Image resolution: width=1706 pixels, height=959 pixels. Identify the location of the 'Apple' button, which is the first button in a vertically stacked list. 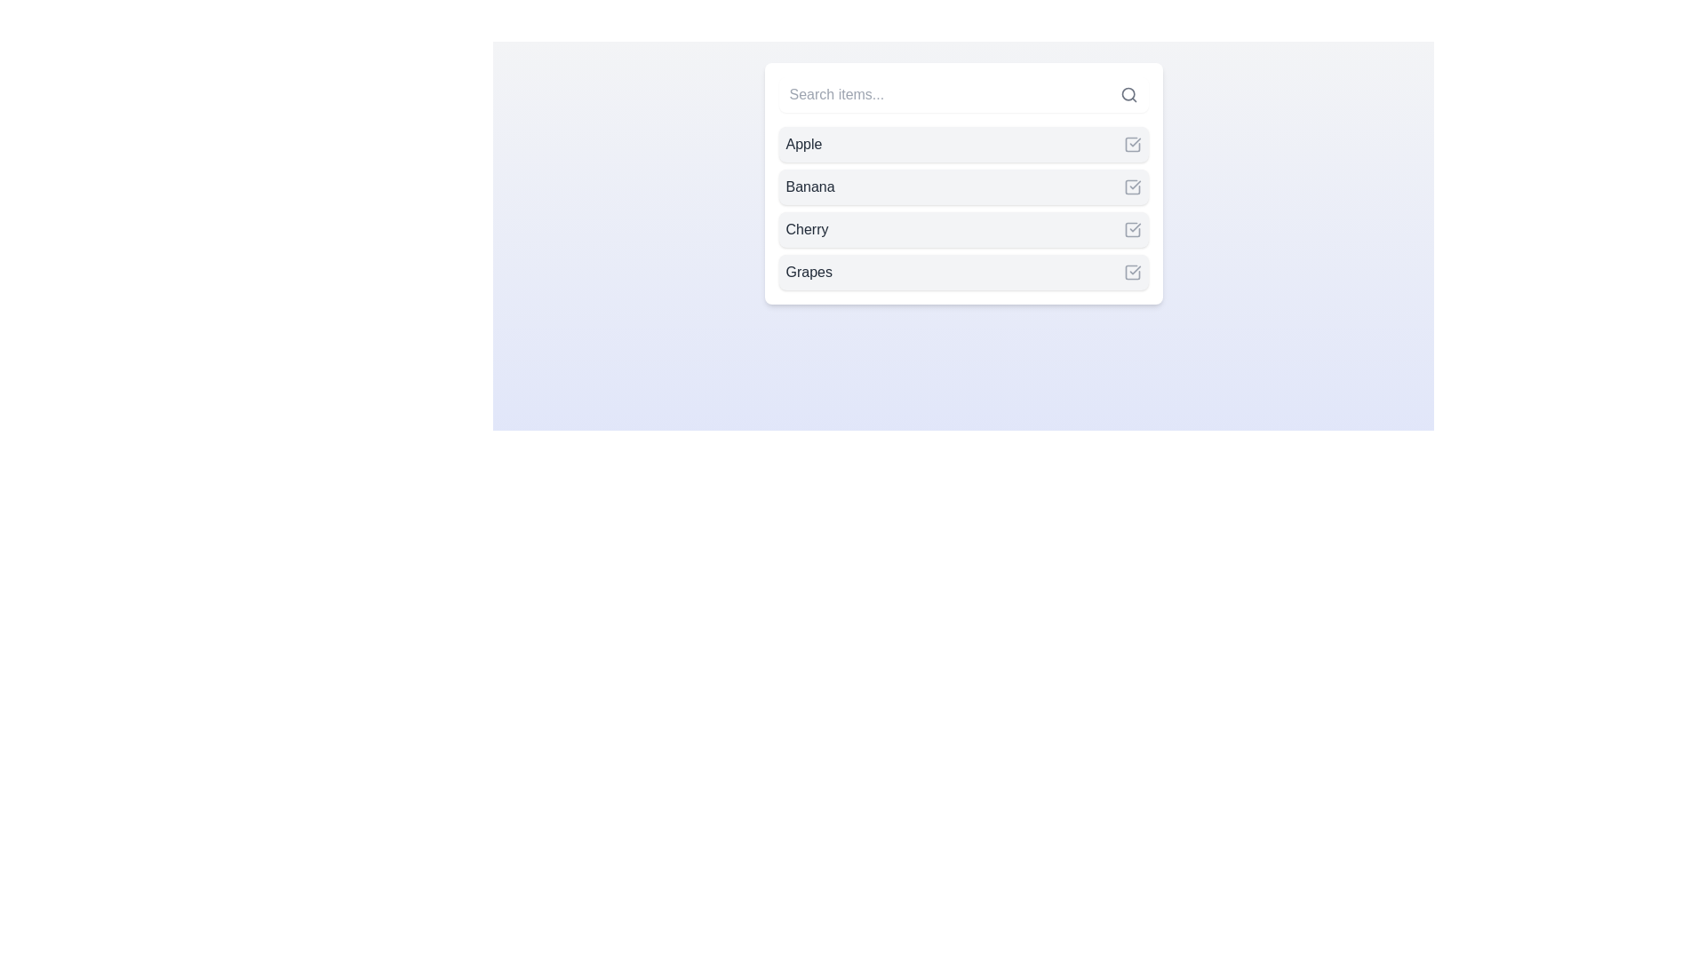
(962, 143).